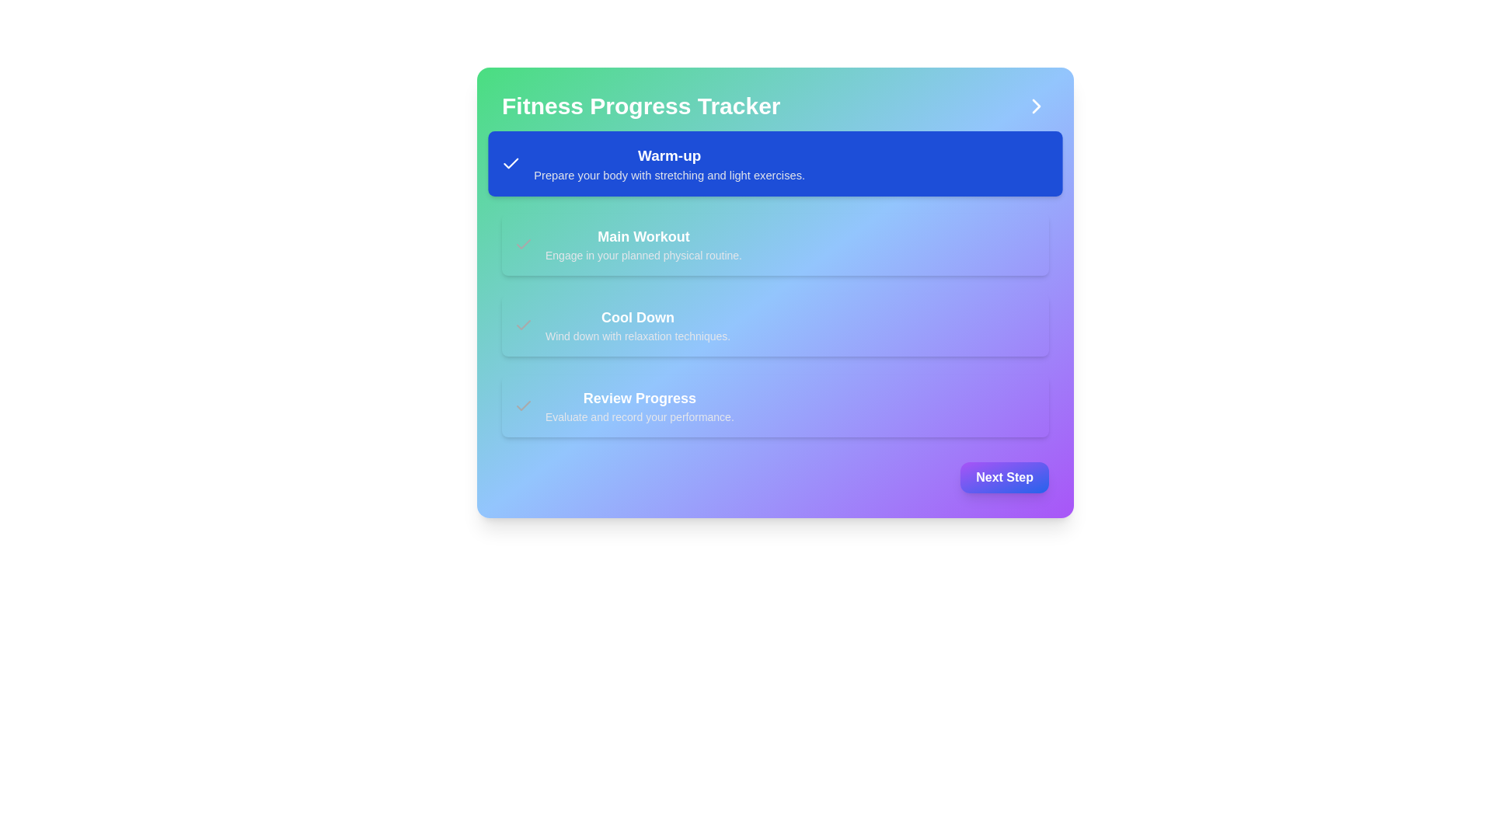  What do you see at coordinates (776, 106) in the screenshot?
I see `the 'Fitness Progress Tracker' header text to read it` at bounding box center [776, 106].